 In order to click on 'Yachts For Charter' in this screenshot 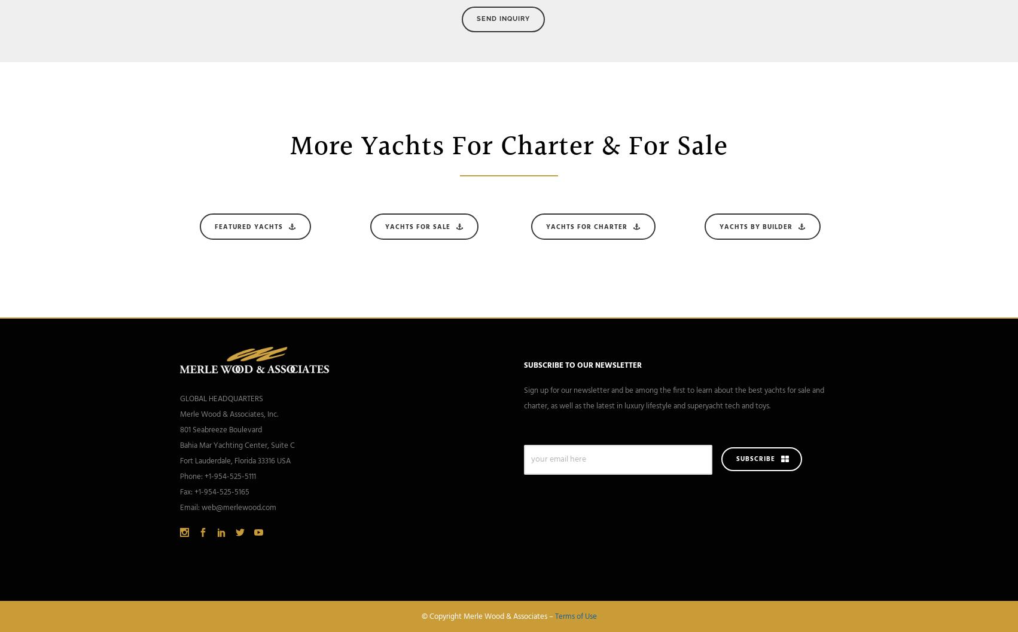, I will do `click(587, 226)`.